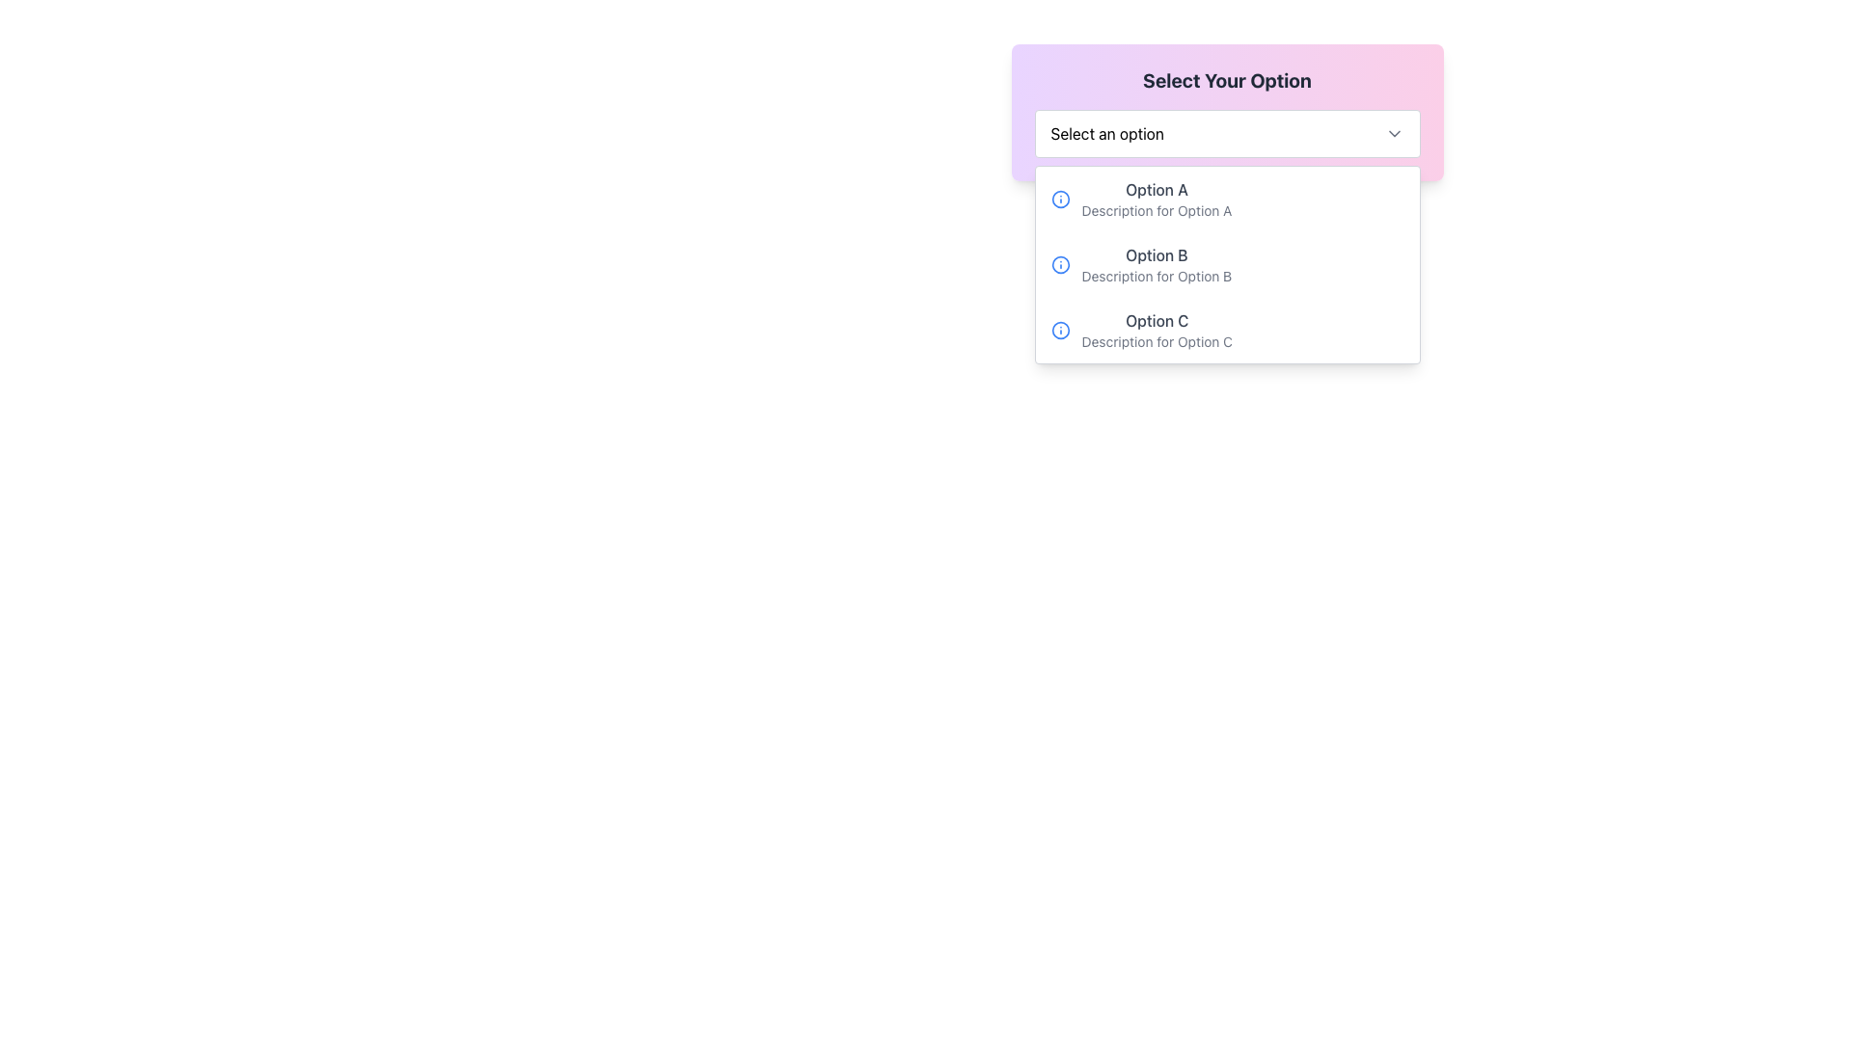 The height and width of the screenshot is (1041, 1852). Describe the element at coordinates (1394, 132) in the screenshot. I see `the Chevron icon located in the top-right corner of the dropdown menu, which indicates the visibility of options` at that location.